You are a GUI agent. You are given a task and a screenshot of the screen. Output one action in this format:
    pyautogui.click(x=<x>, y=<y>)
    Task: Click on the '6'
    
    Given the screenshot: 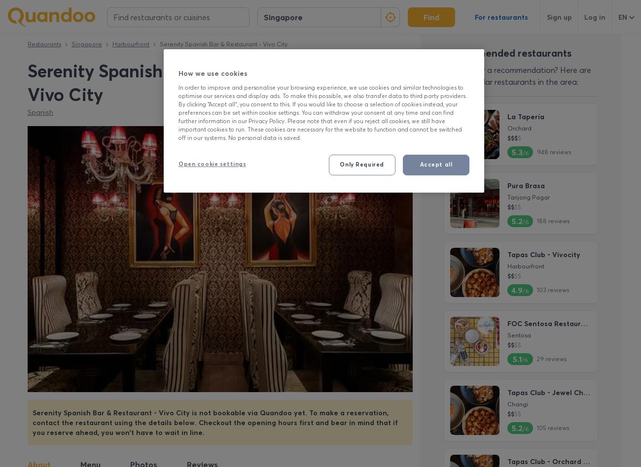 What is the action you would take?
    pyautogui.click(x=402, y=66)
    